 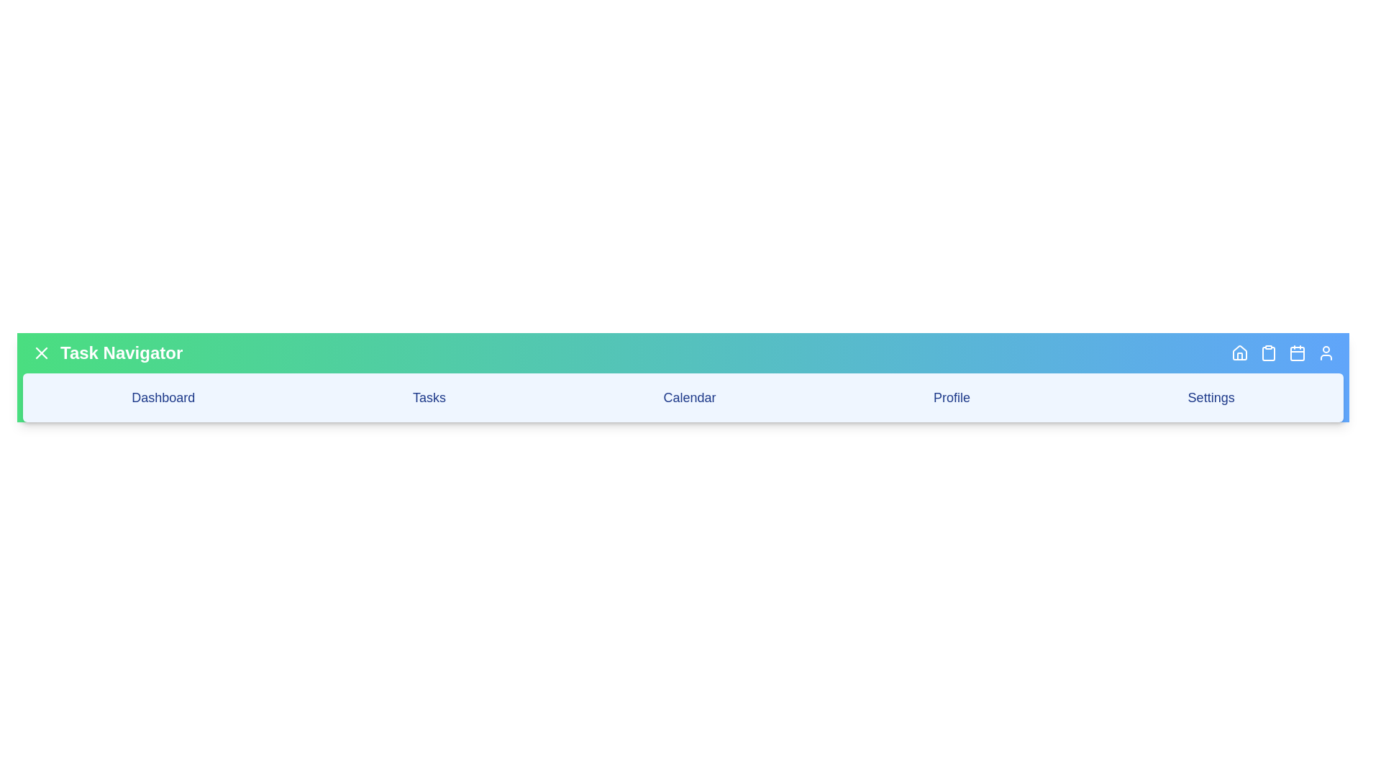 I want to click on the menu button to toggle the menu visibility, so click(x=41, y=353).